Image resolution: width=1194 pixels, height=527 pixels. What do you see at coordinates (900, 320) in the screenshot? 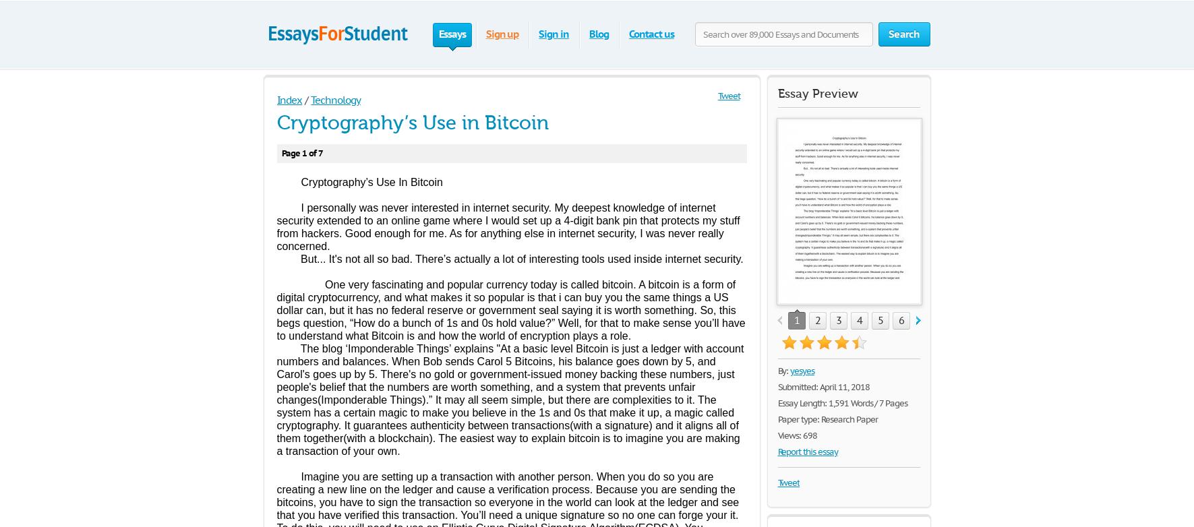
I see `'6'` at bounding box center [900, 320].